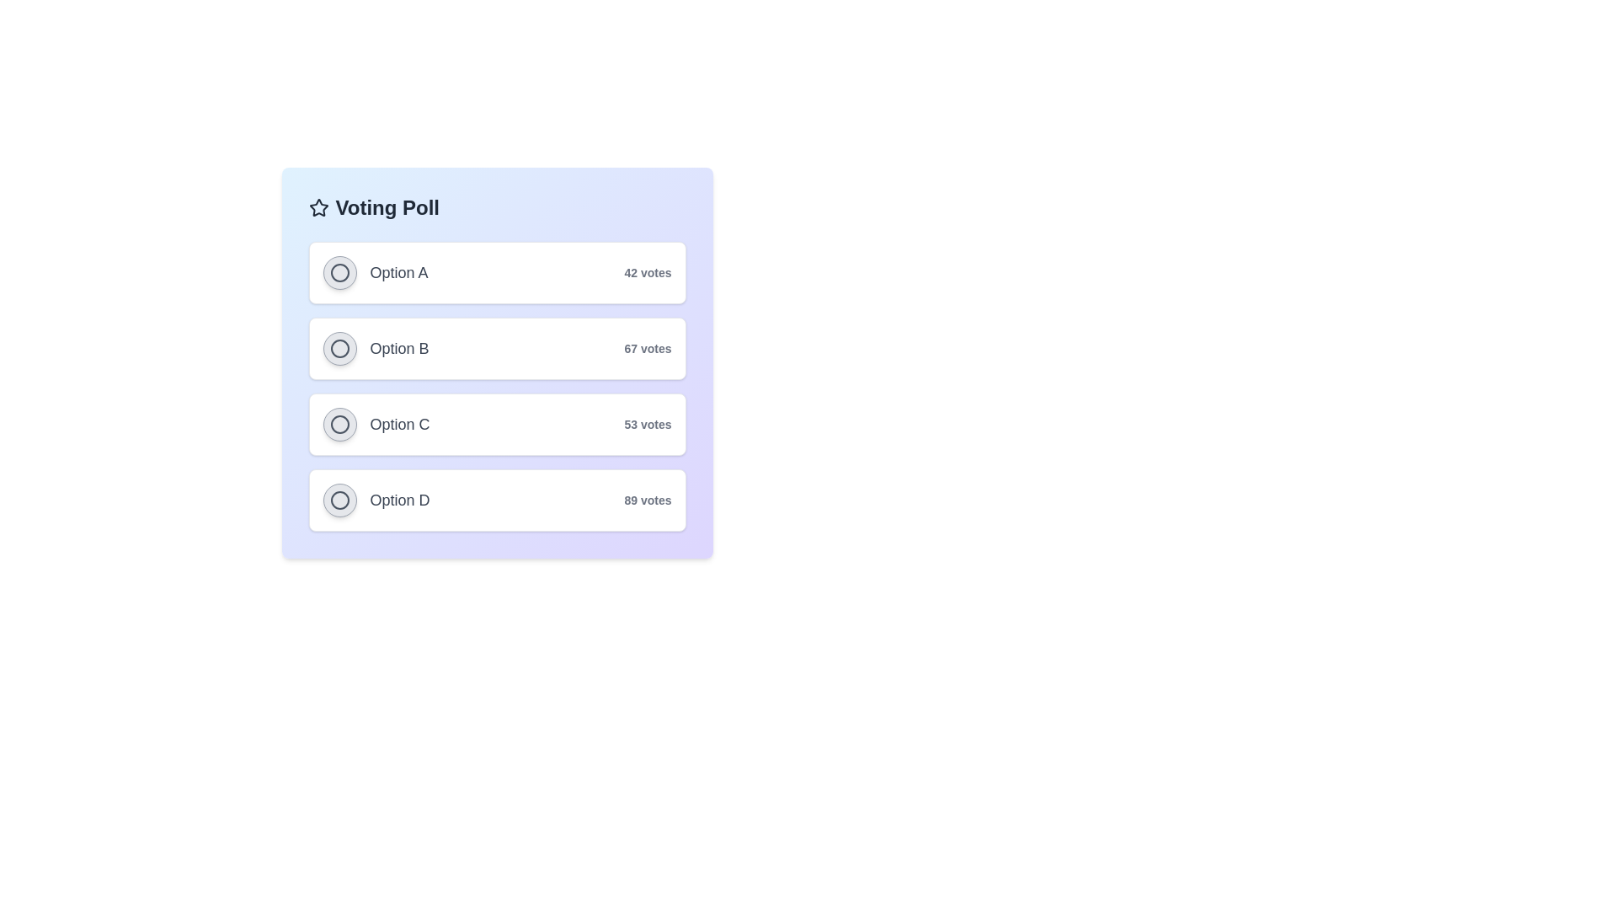  Describe the element at coordinates (496, 424) in the screenshot. I see `the 'Option C' Poll option card, which is the third card in a vertical list of voting options, to potentially trigger an action` at that location.